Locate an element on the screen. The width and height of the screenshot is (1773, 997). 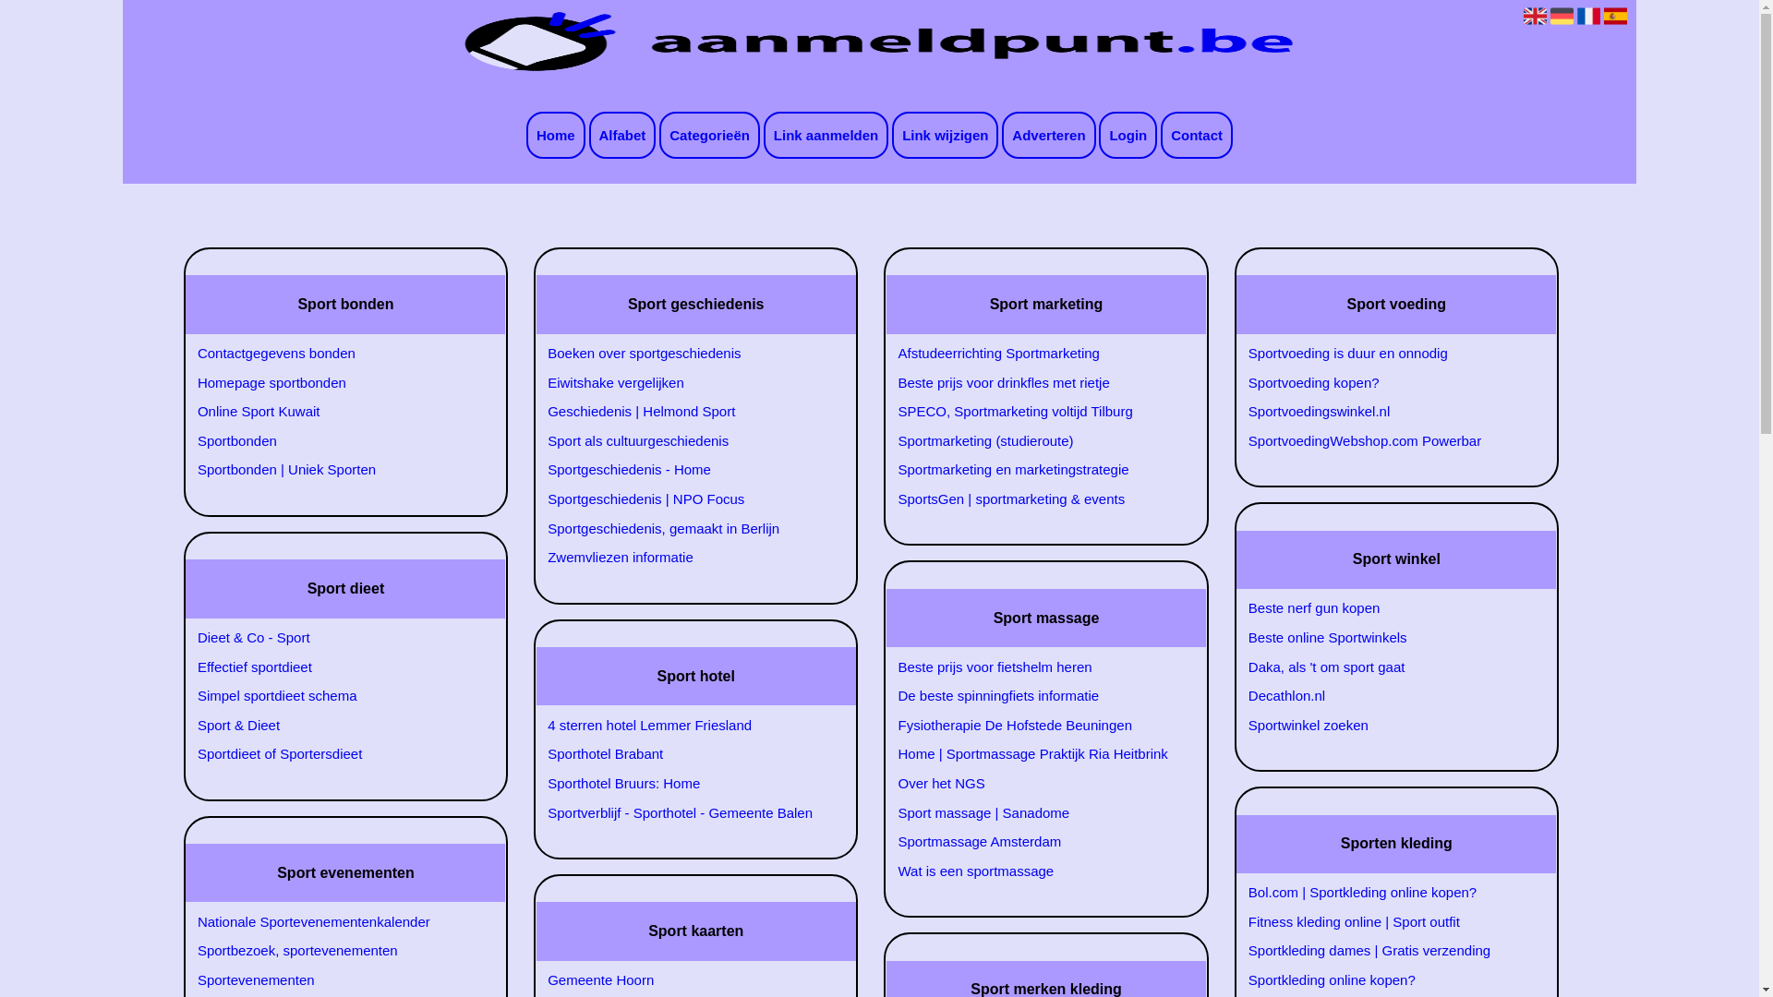
'Sportgeschiedenis | NPO Focus' is located at coordinates (537, 498).